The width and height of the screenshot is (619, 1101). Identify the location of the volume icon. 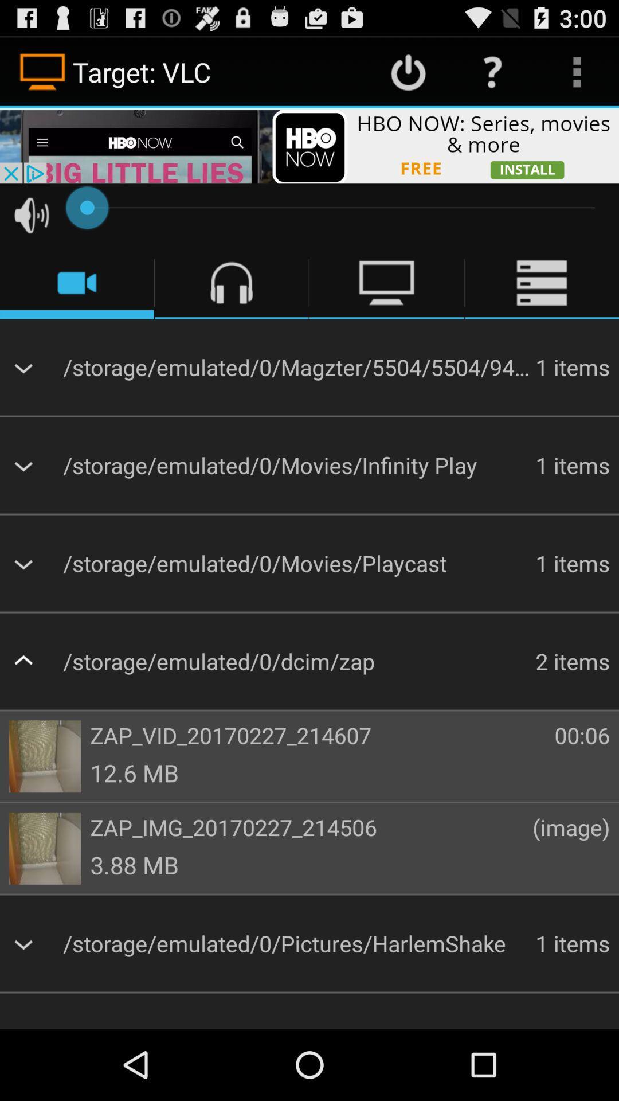
(31, 229).